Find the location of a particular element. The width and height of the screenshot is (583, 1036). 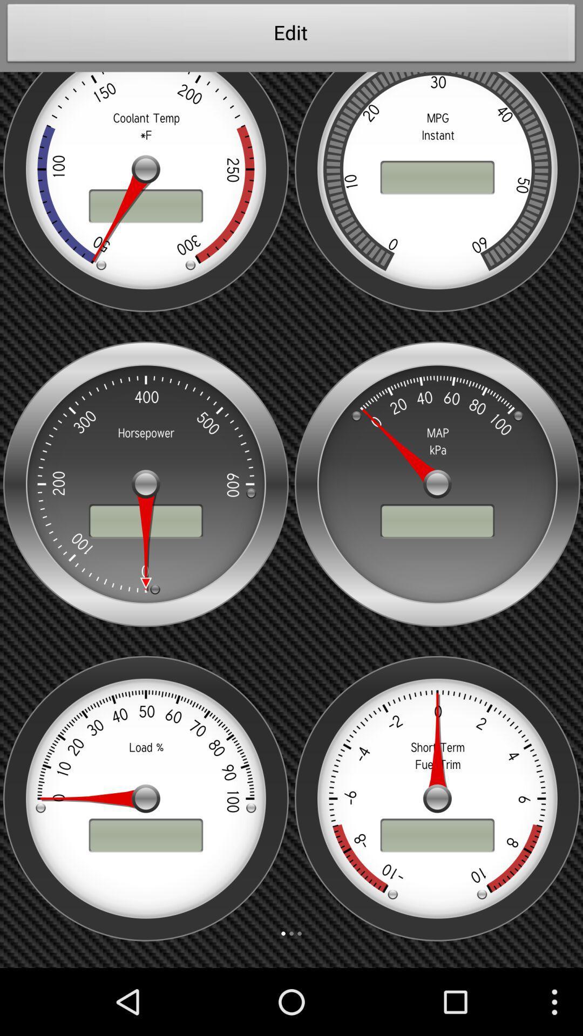

the edit is located at coordinates (291, 36).